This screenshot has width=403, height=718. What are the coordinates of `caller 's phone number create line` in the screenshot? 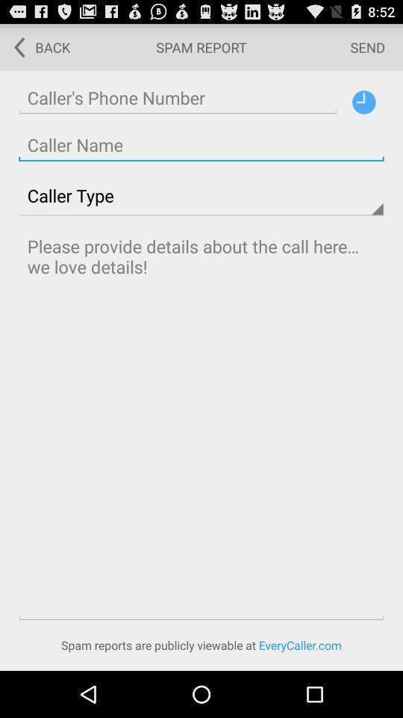 It's located at (178, 96).